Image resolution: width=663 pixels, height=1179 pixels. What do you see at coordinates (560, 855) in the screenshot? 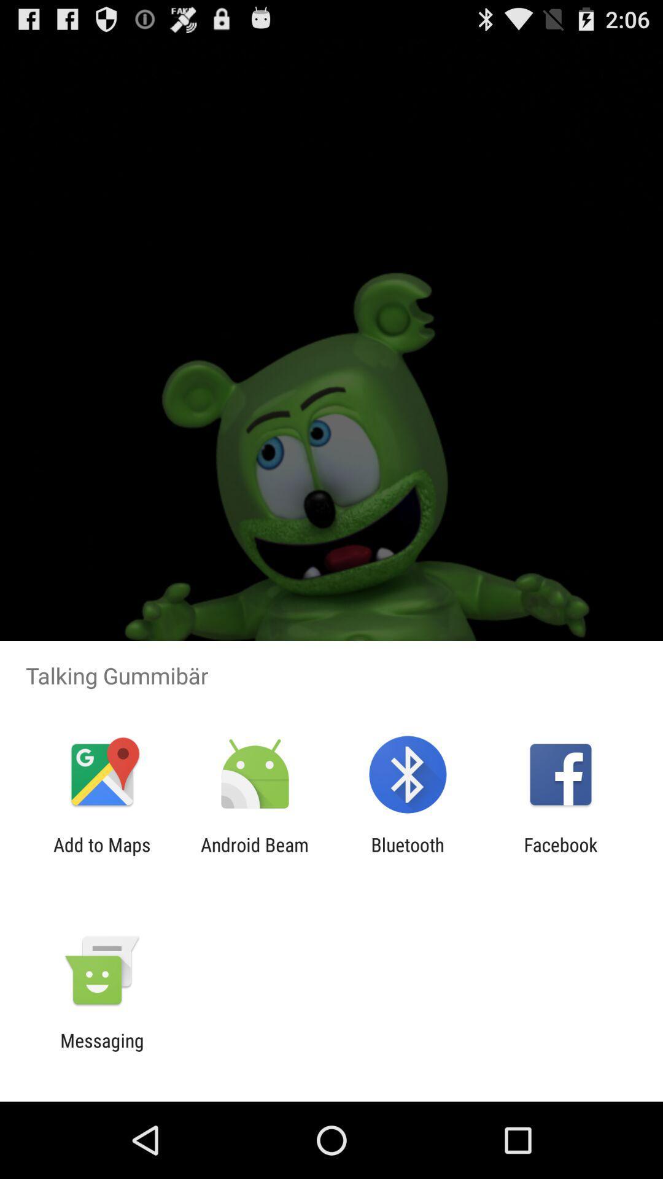
I see `the app to the right of the bluetooth icon` at bounding box center [560, 855].